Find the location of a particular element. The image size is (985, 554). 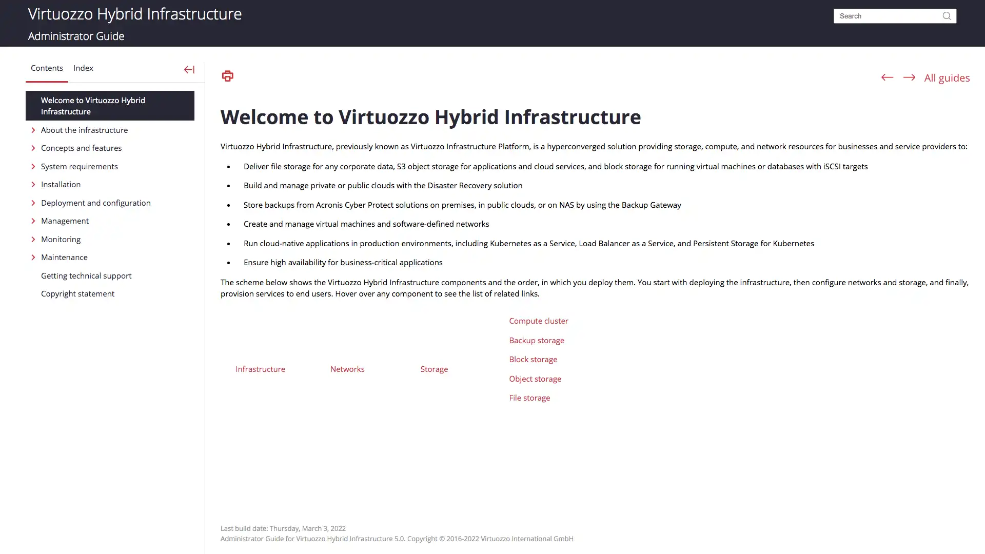

Show Navigation Panel is located at coordinates (189, 69).